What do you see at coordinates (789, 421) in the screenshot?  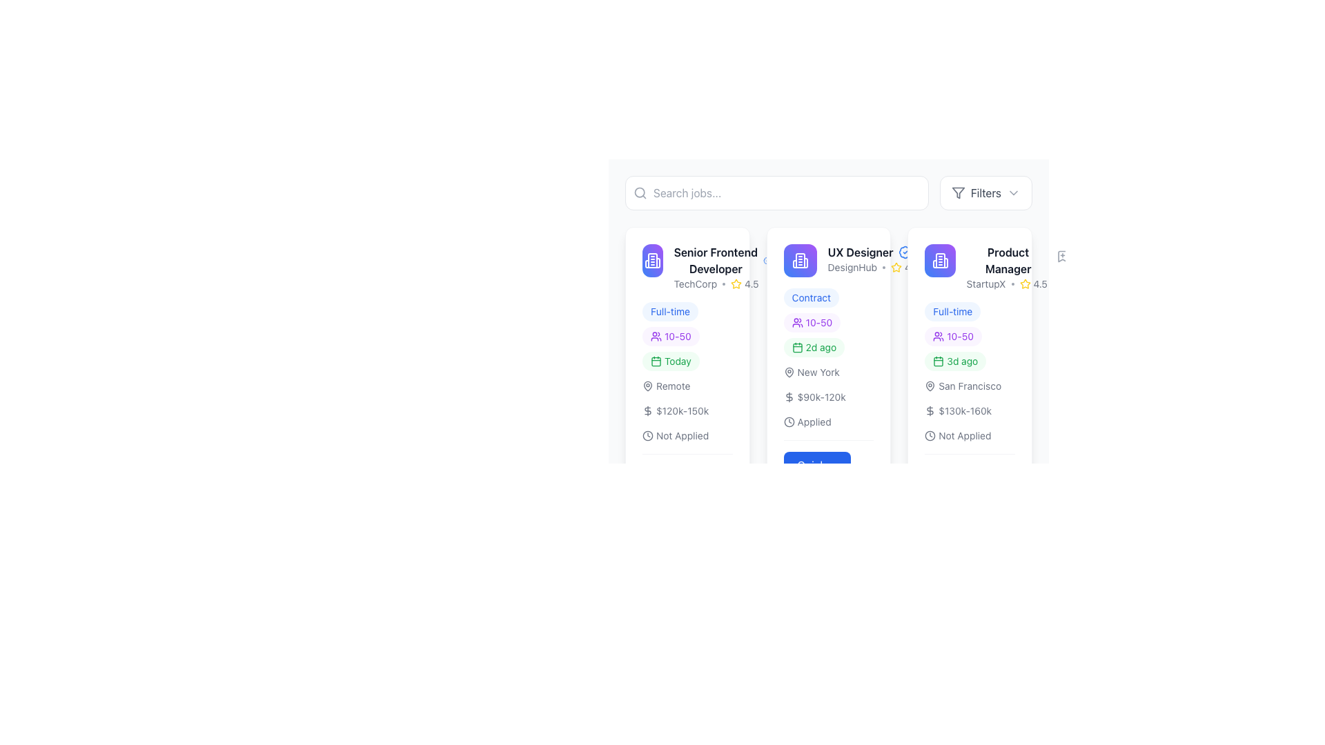 I see `the decorative icon that complements the 'Applied' label in the second job listing panel from the left, located towards the bottom inline with the text 'Applied'` at bounding box center [789, 421].